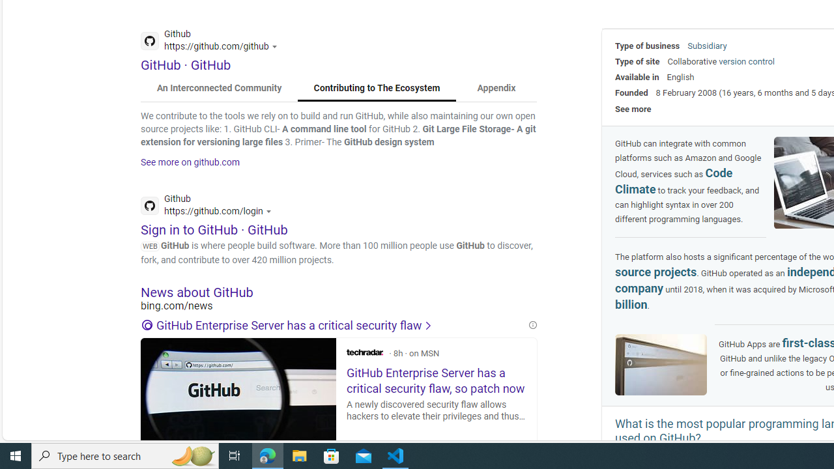 The width and height of the screenshot is (834, 469). What do you see at coordinates (706, 45) in the screenshot?
I see `'Subsidiary'` at bounding box center [706, 45].